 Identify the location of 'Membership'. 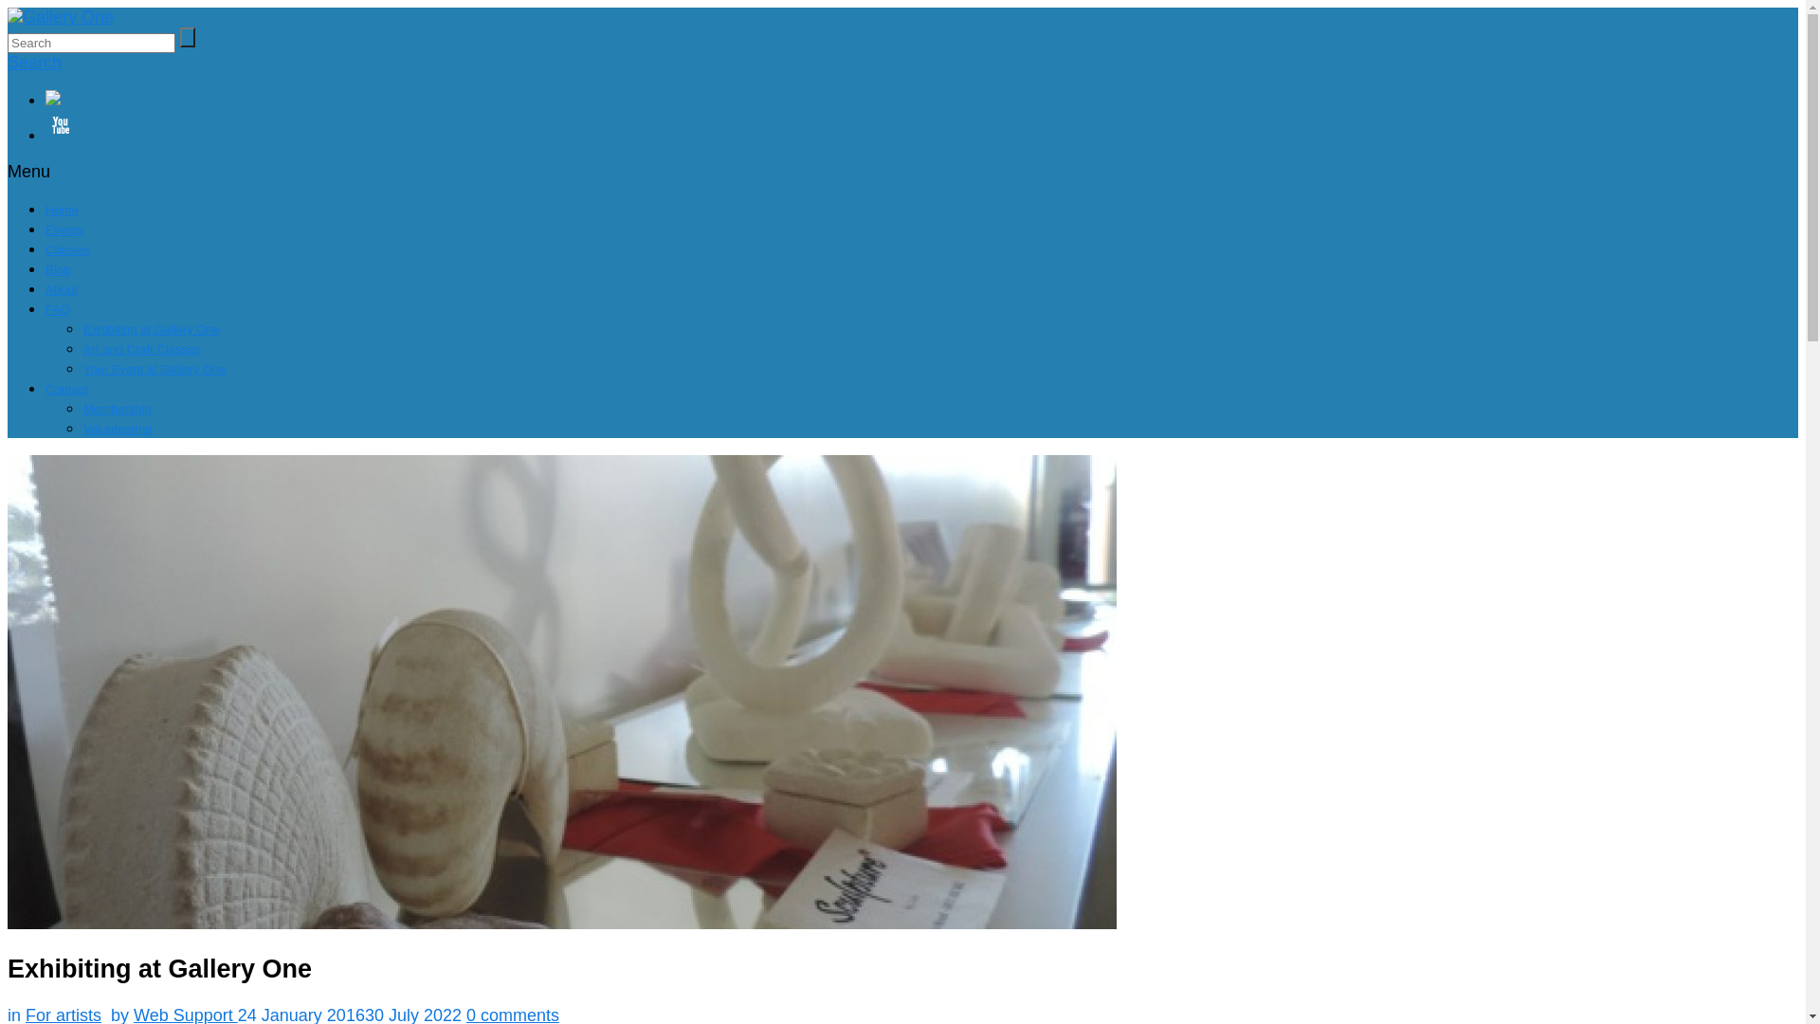
(117, 408).